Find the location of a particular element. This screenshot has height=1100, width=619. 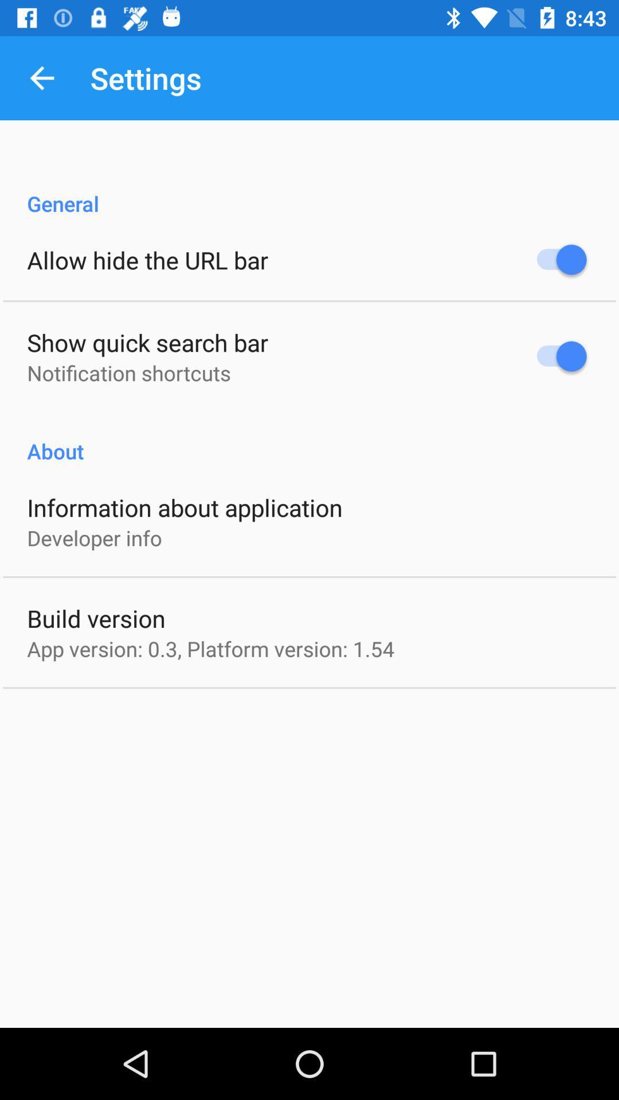

icon above the general is located at coordinates (41, 77).